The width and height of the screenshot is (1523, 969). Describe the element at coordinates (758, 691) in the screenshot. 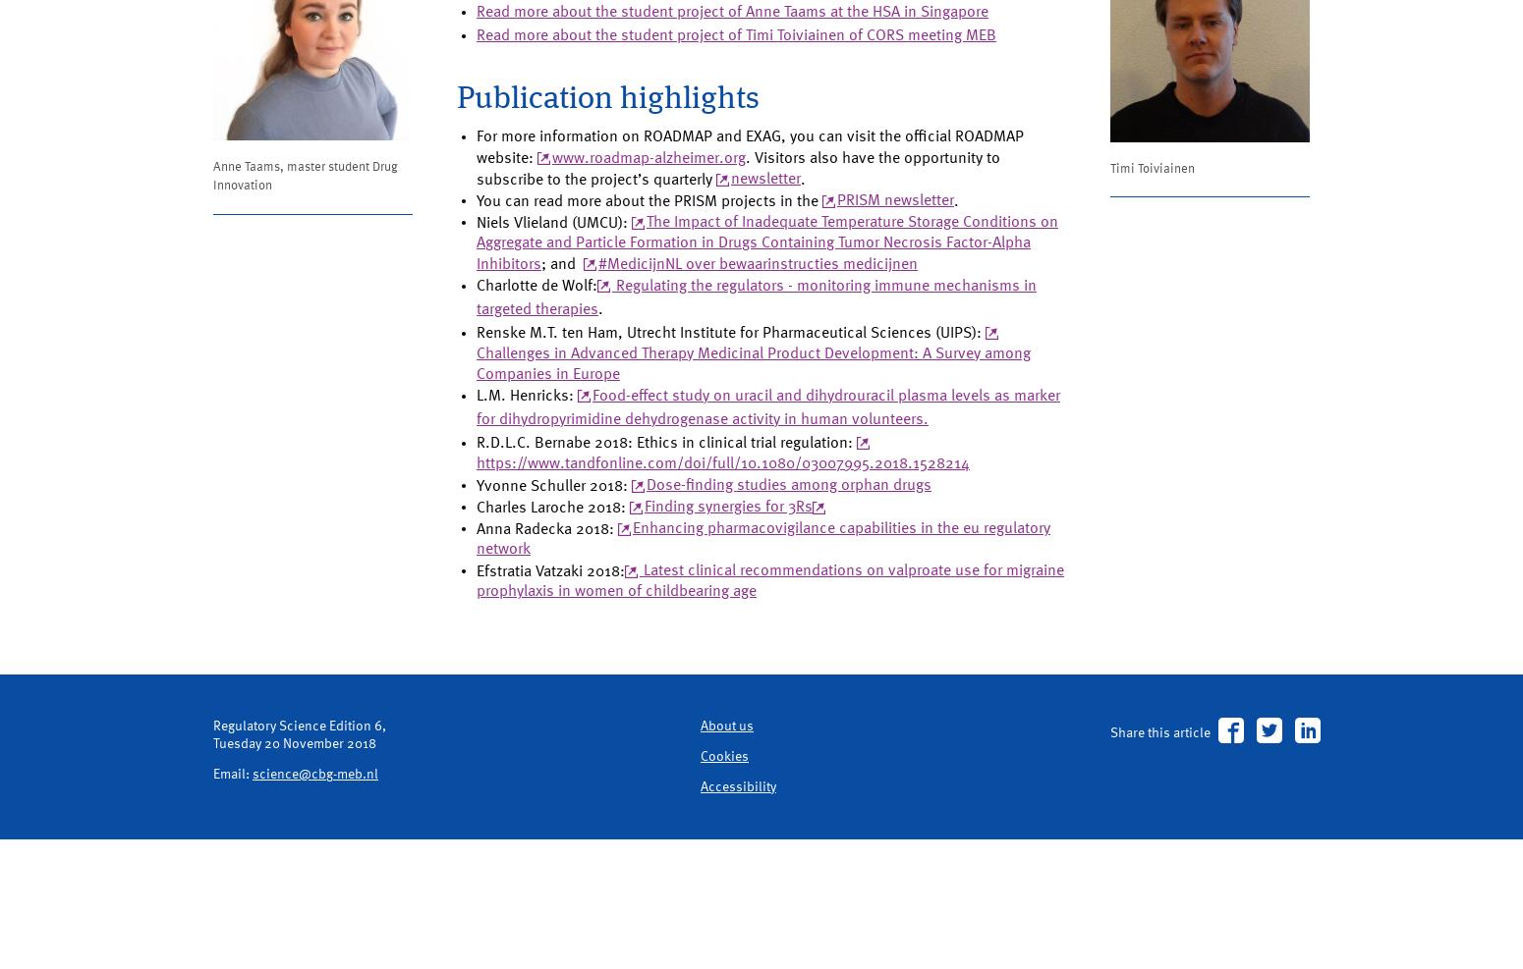

I see `'Latest clinical recommendations on valproate use for migraine prophylaxis in women of childbearing age'` at that location.